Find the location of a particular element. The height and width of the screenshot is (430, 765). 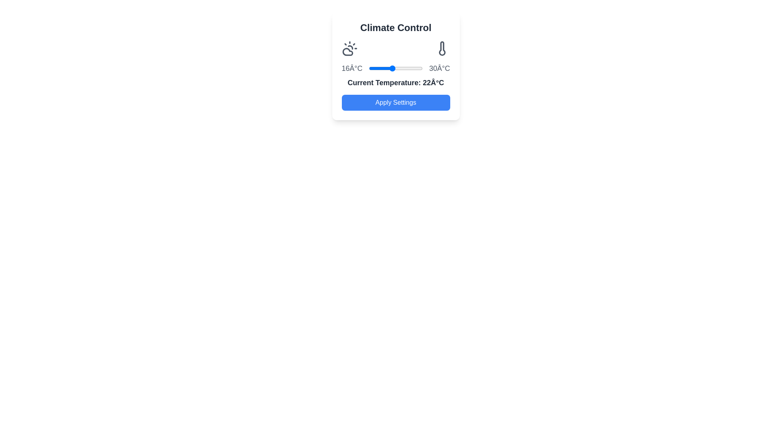

the temperature is located at coordinates (400, 68).